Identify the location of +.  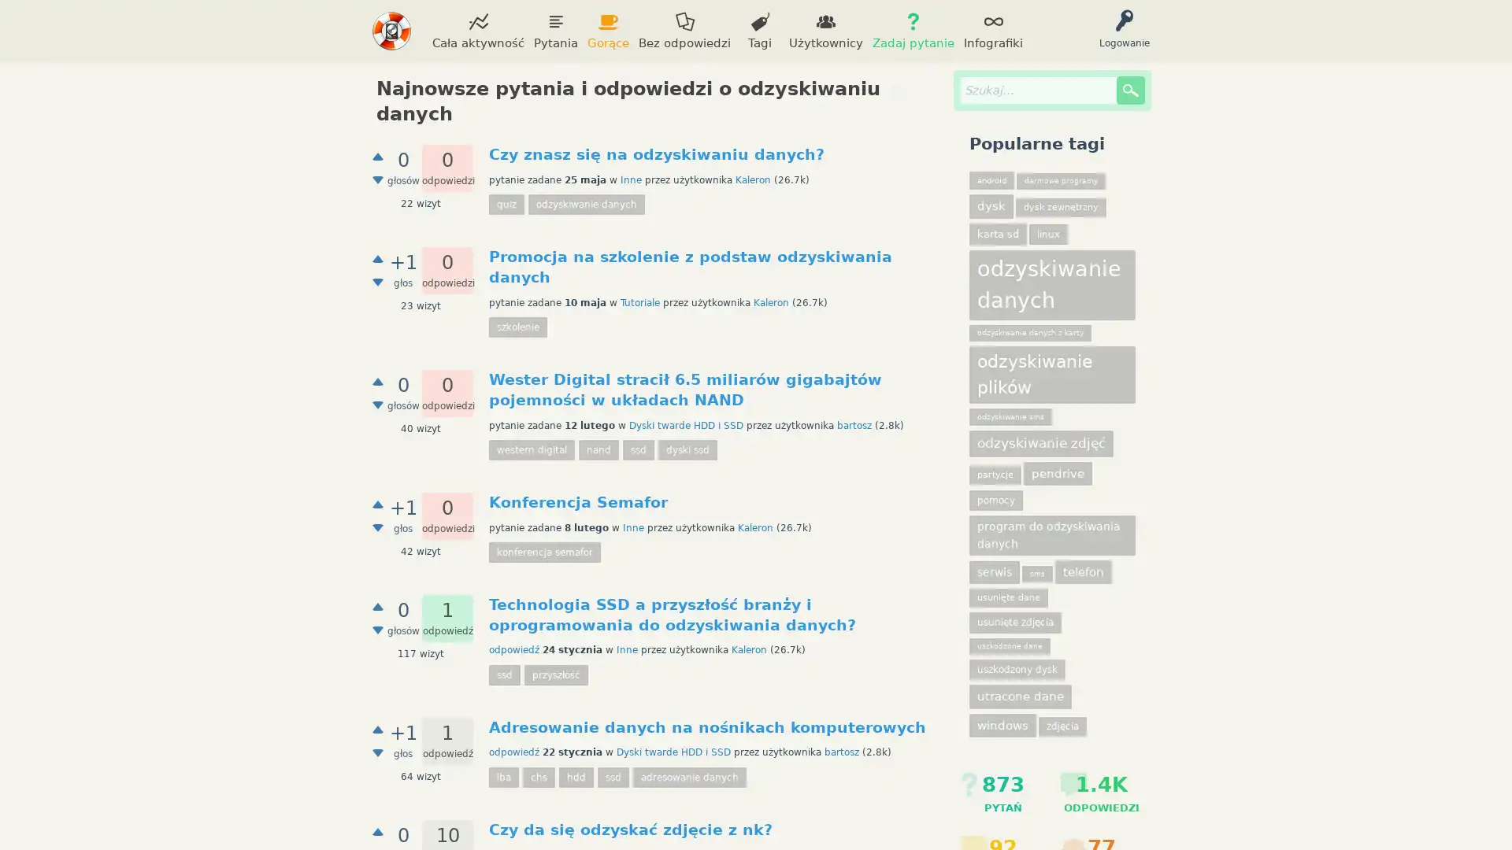
(378, 728).